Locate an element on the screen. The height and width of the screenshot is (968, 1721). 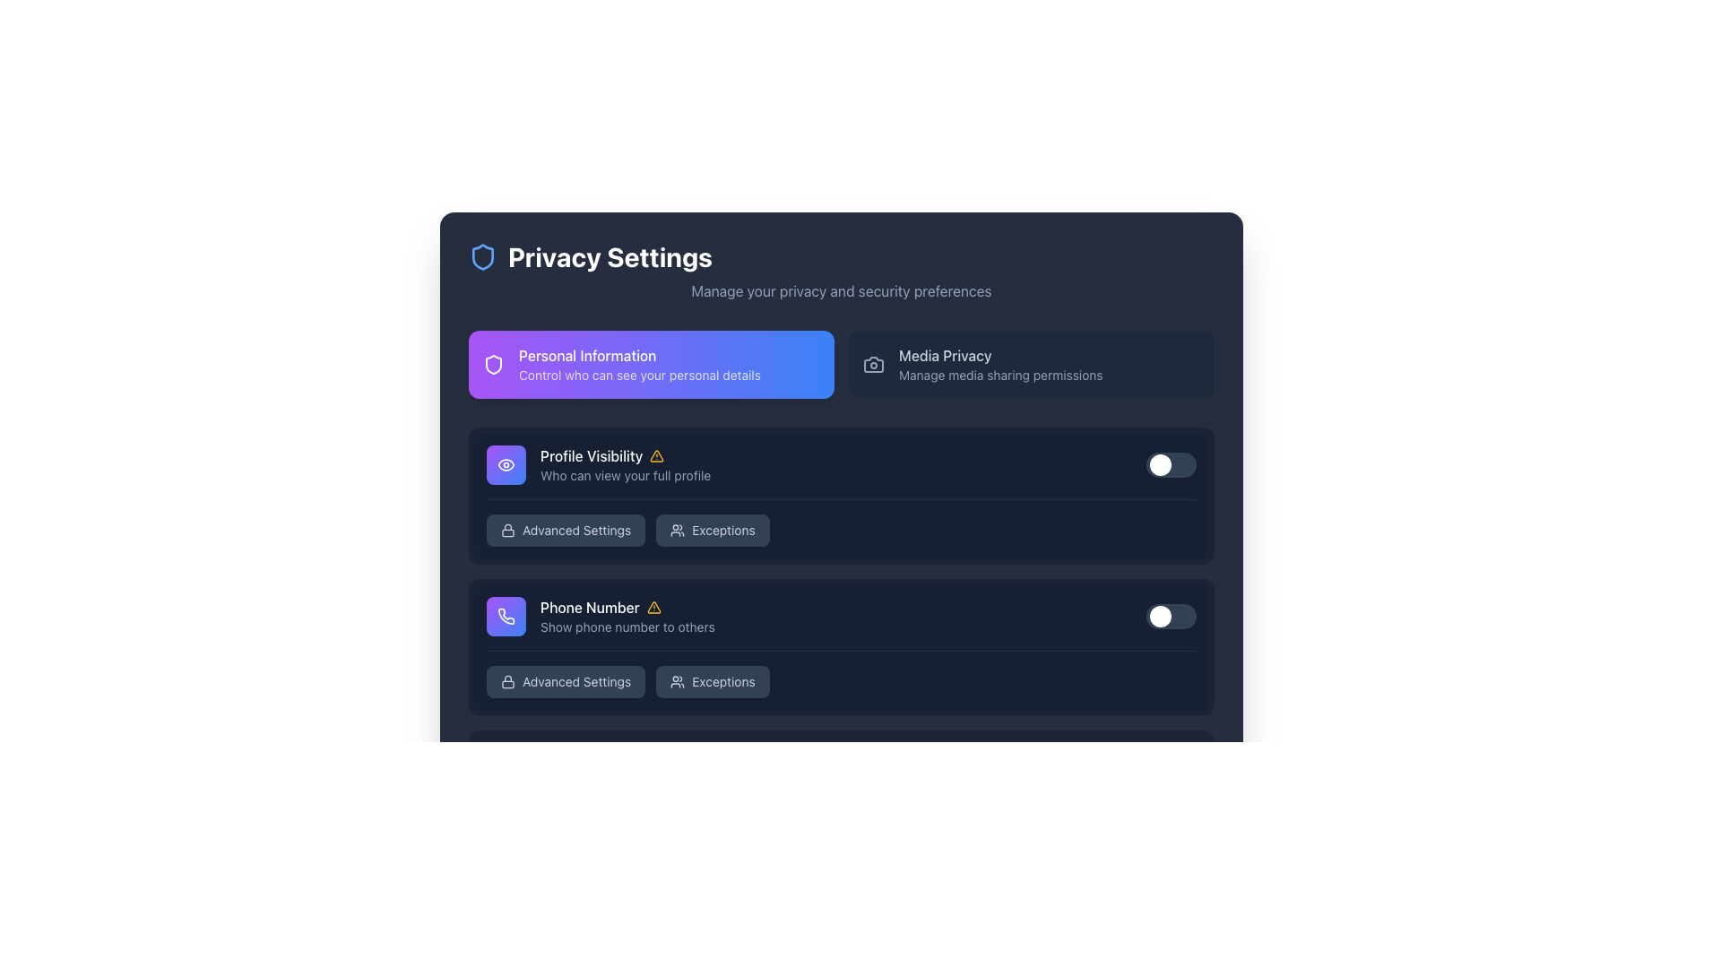
the 'Media Privacy' text block with the camera icon, which is the second item in the row at the top of the interface is located at coordinates (999, 364).